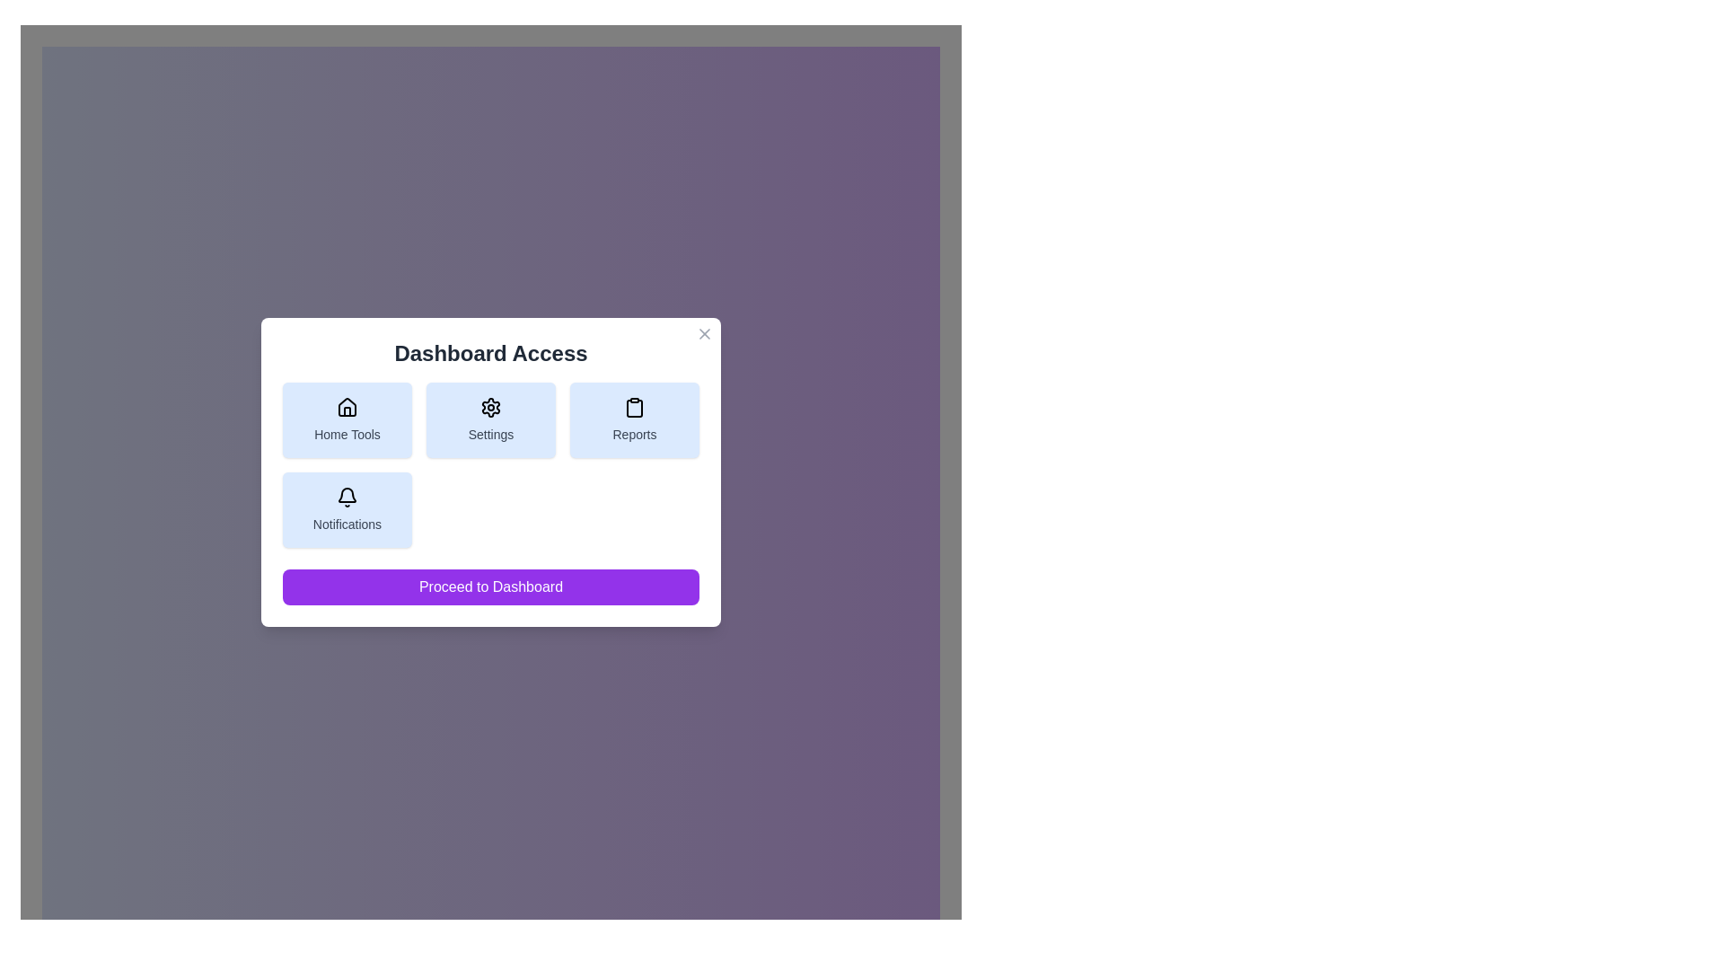 This screenshot has width=1724, height=970. What do you see at coordinates (491, 419) in the screenshot?
I see `the settings button in the 'Dashboard Access' modal` at bounding box center [491, 419].